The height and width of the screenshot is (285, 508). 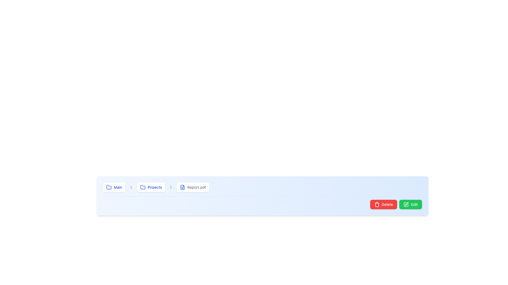 I want to click on the text label displaying 'Report.pdf' in the breadcrumb navigation area, so click(x=196, y=187).